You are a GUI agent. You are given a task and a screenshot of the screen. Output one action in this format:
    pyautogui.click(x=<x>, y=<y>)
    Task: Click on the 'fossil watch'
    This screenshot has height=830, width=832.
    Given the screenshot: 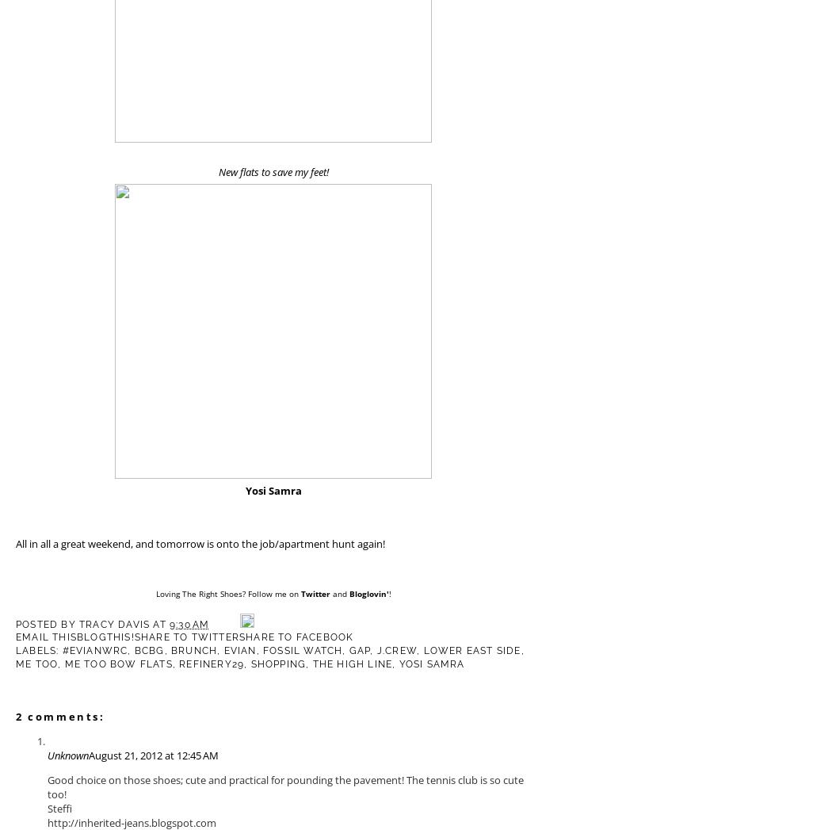 What is the action you would take?
    pyautogui.click(x=302, y=650)
    